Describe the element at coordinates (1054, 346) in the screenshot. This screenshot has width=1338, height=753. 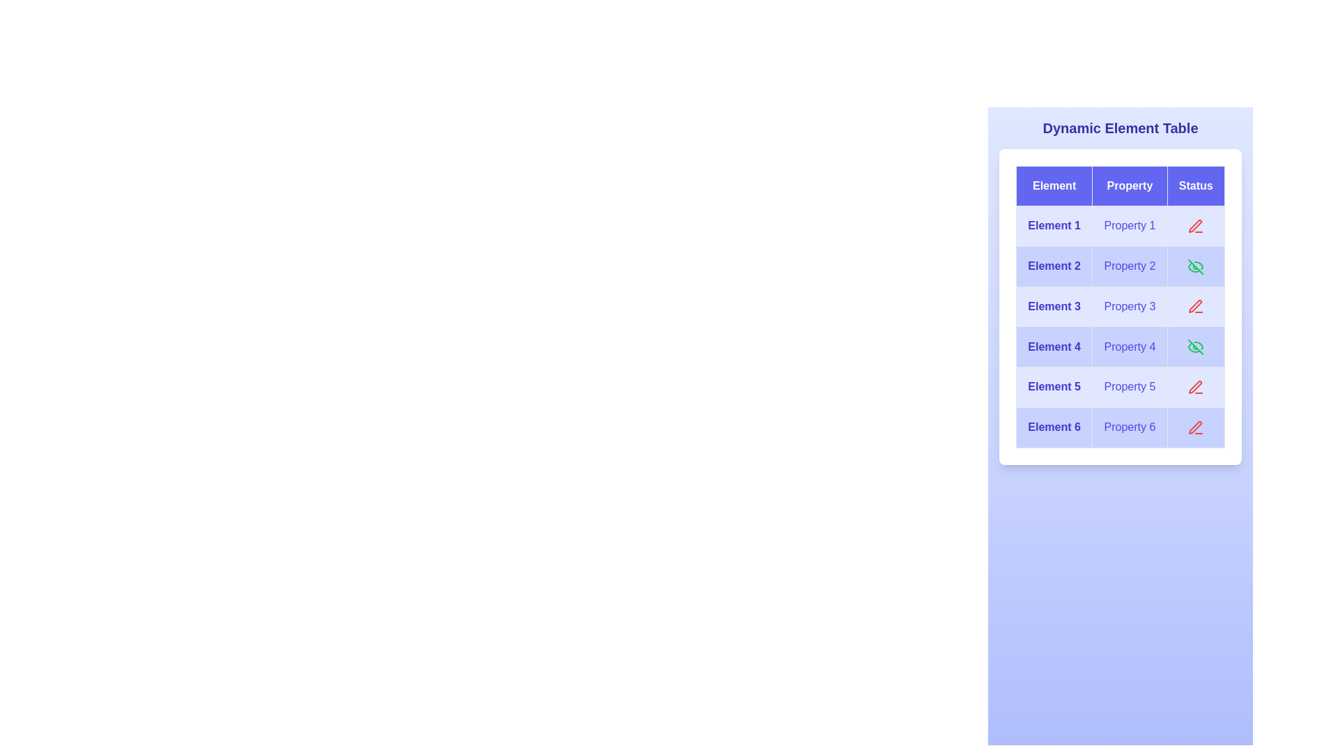
I see `the text of element Element 4 to read its displayed text` at that location.